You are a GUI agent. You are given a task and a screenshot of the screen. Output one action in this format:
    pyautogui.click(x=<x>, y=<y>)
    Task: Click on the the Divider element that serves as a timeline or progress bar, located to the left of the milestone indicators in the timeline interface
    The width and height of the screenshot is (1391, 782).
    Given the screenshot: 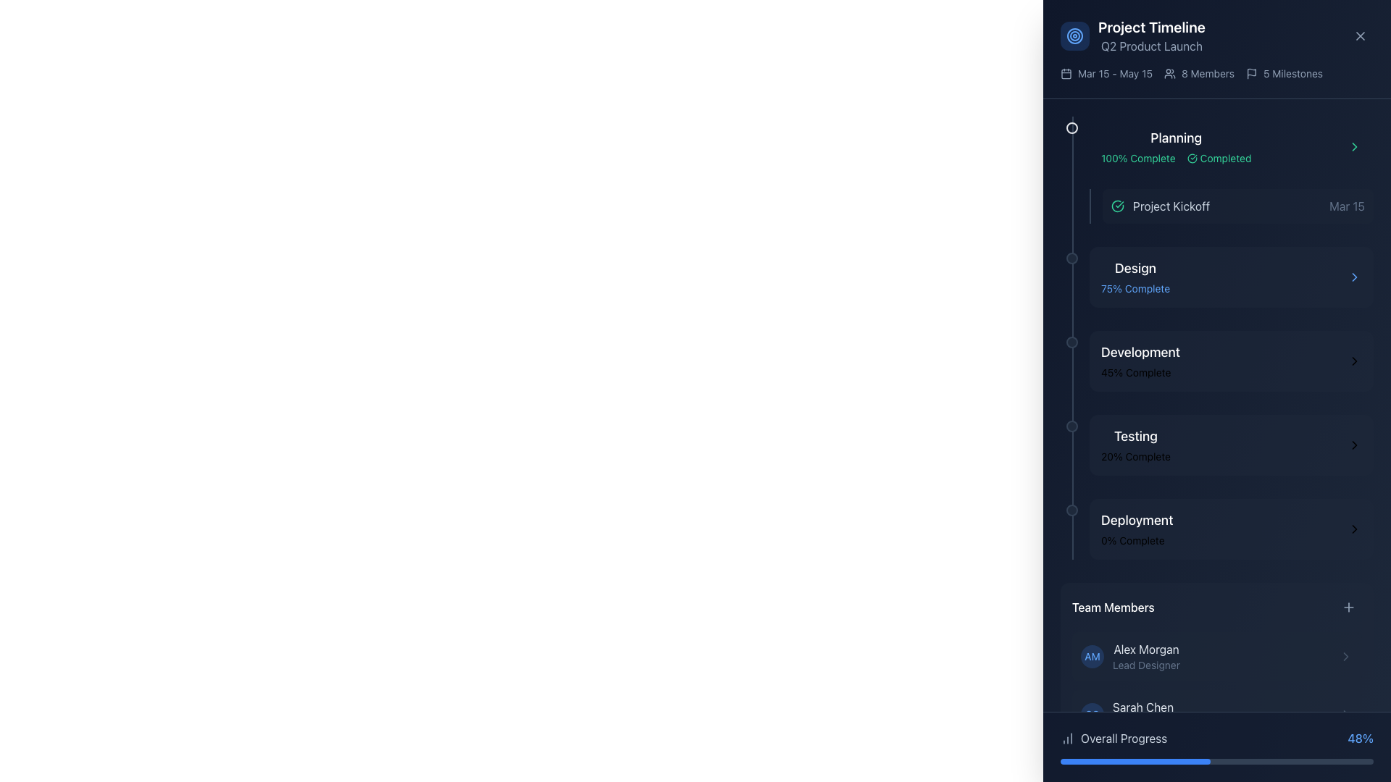 What is the action you would take?
    pyautogui.click(x=1073, y=337)
    